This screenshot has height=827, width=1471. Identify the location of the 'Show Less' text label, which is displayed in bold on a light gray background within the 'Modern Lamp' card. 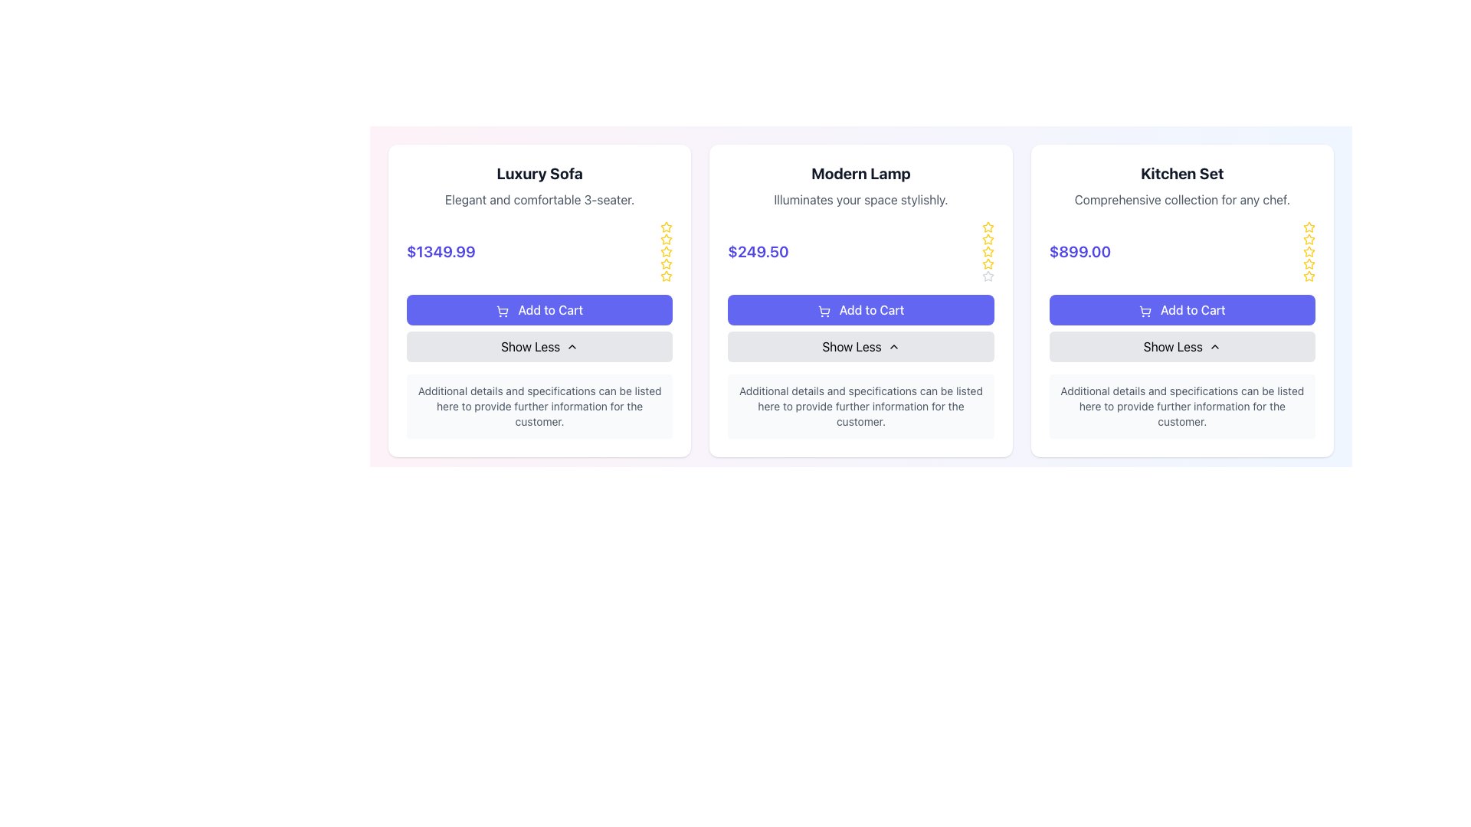
(851, 346).